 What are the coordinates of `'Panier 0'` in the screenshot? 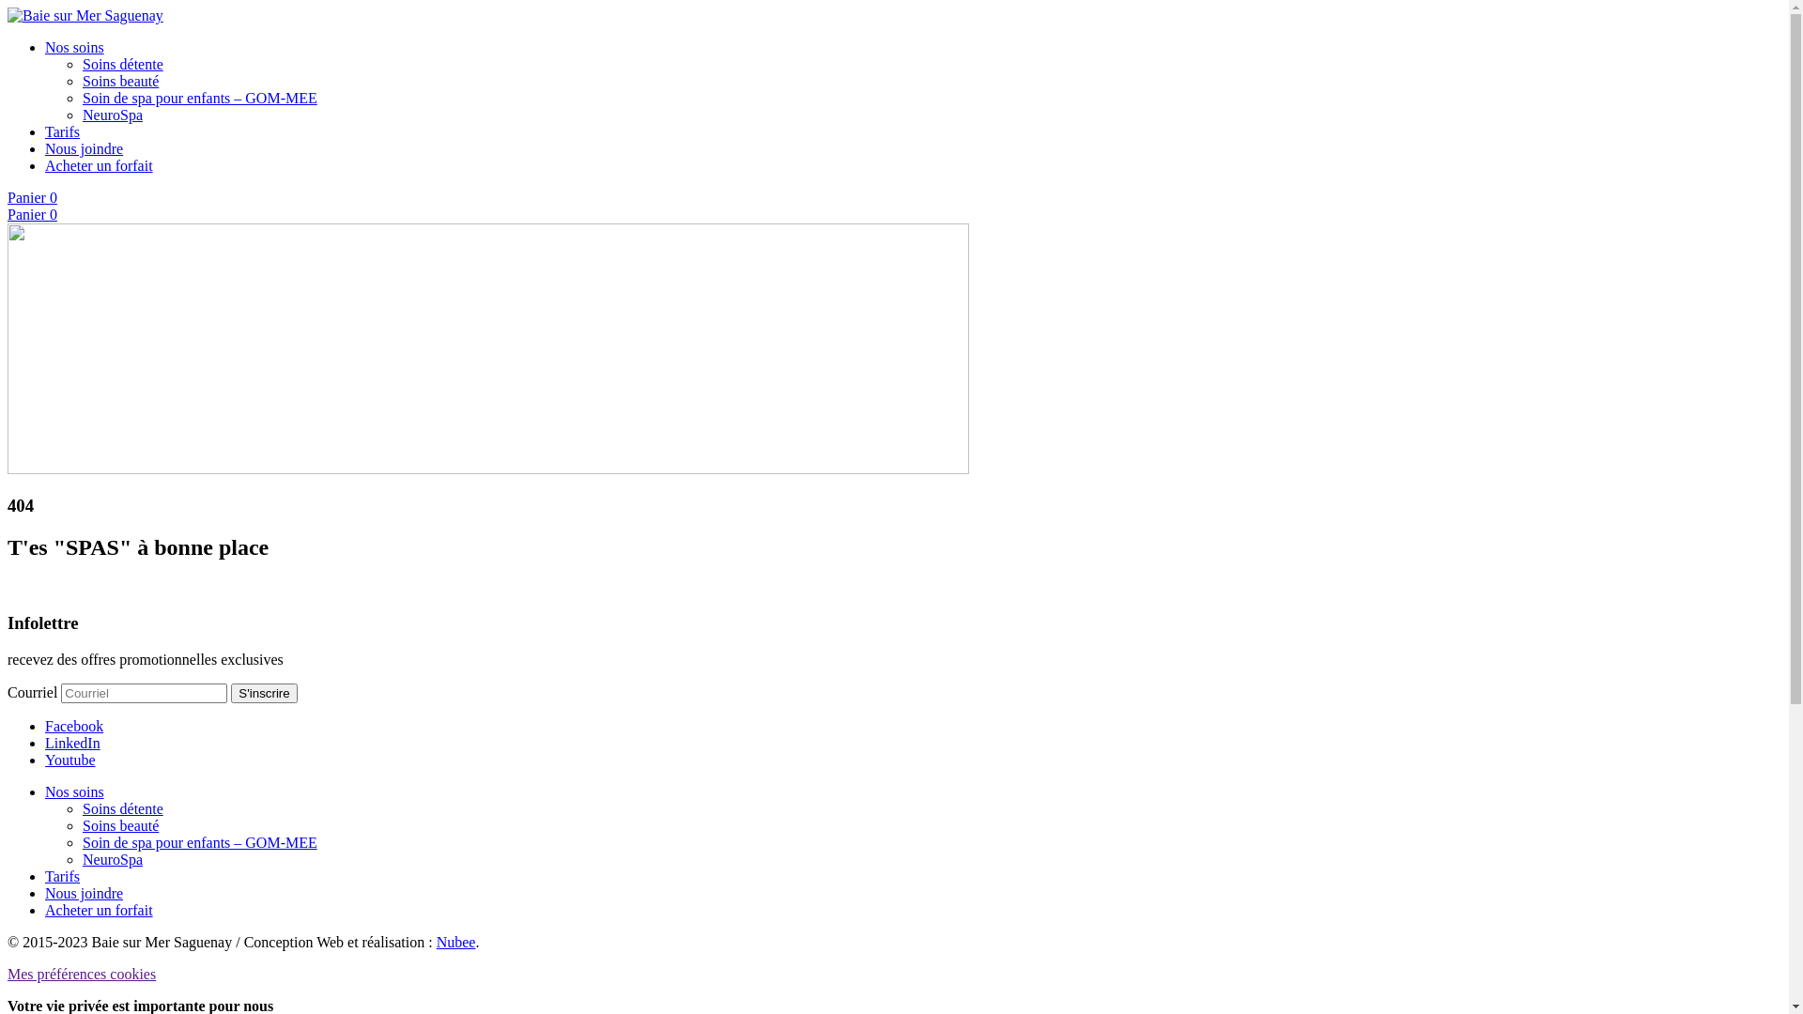 It's located at (32, 213).